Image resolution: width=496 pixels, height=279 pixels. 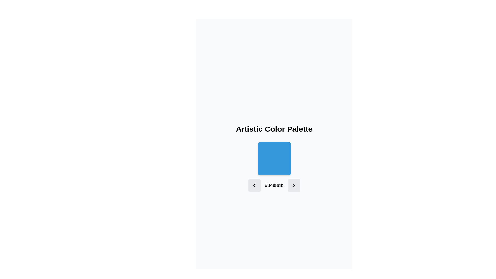 What do you see at coordinates (274, 185) in the screenshot?
I see `the text label displaying the hexadecimal color code '#3498db' in a bold black font, which is centrally located at the bottom of the interface, positioned between a left-pointing and a right-pointing arrow, and below a blue square color sample` at bounding box center [274, 185].